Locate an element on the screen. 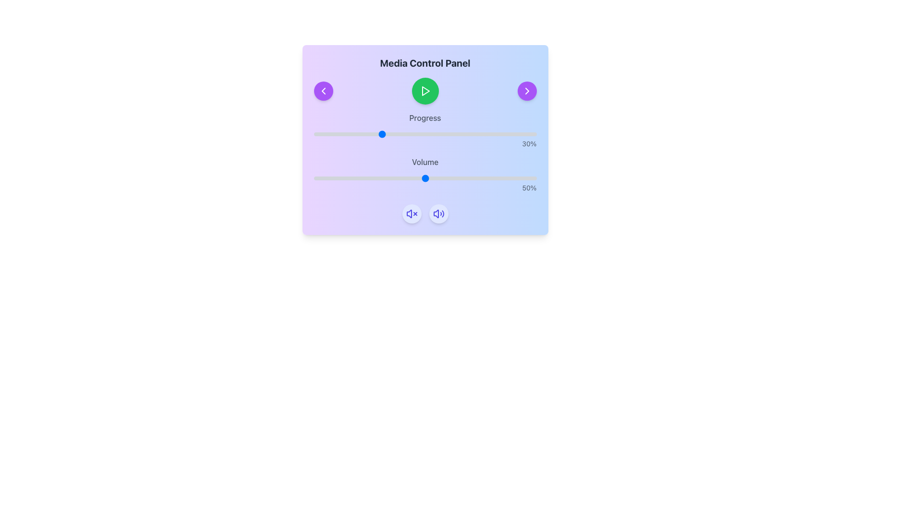 The height and width of the screenshot is (518, 922). the slider value is located at coordinates (323, 178).